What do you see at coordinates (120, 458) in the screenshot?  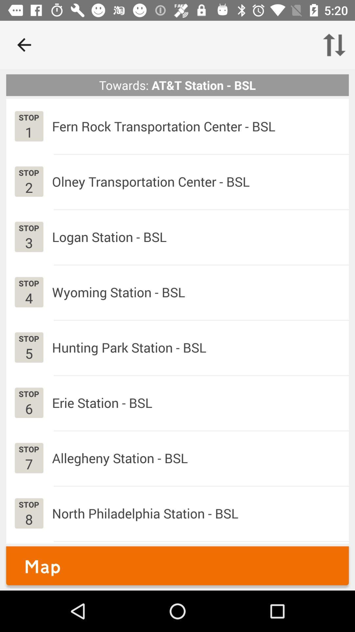 I see `item to the right of the stop item` at bounding box center [120, 458].